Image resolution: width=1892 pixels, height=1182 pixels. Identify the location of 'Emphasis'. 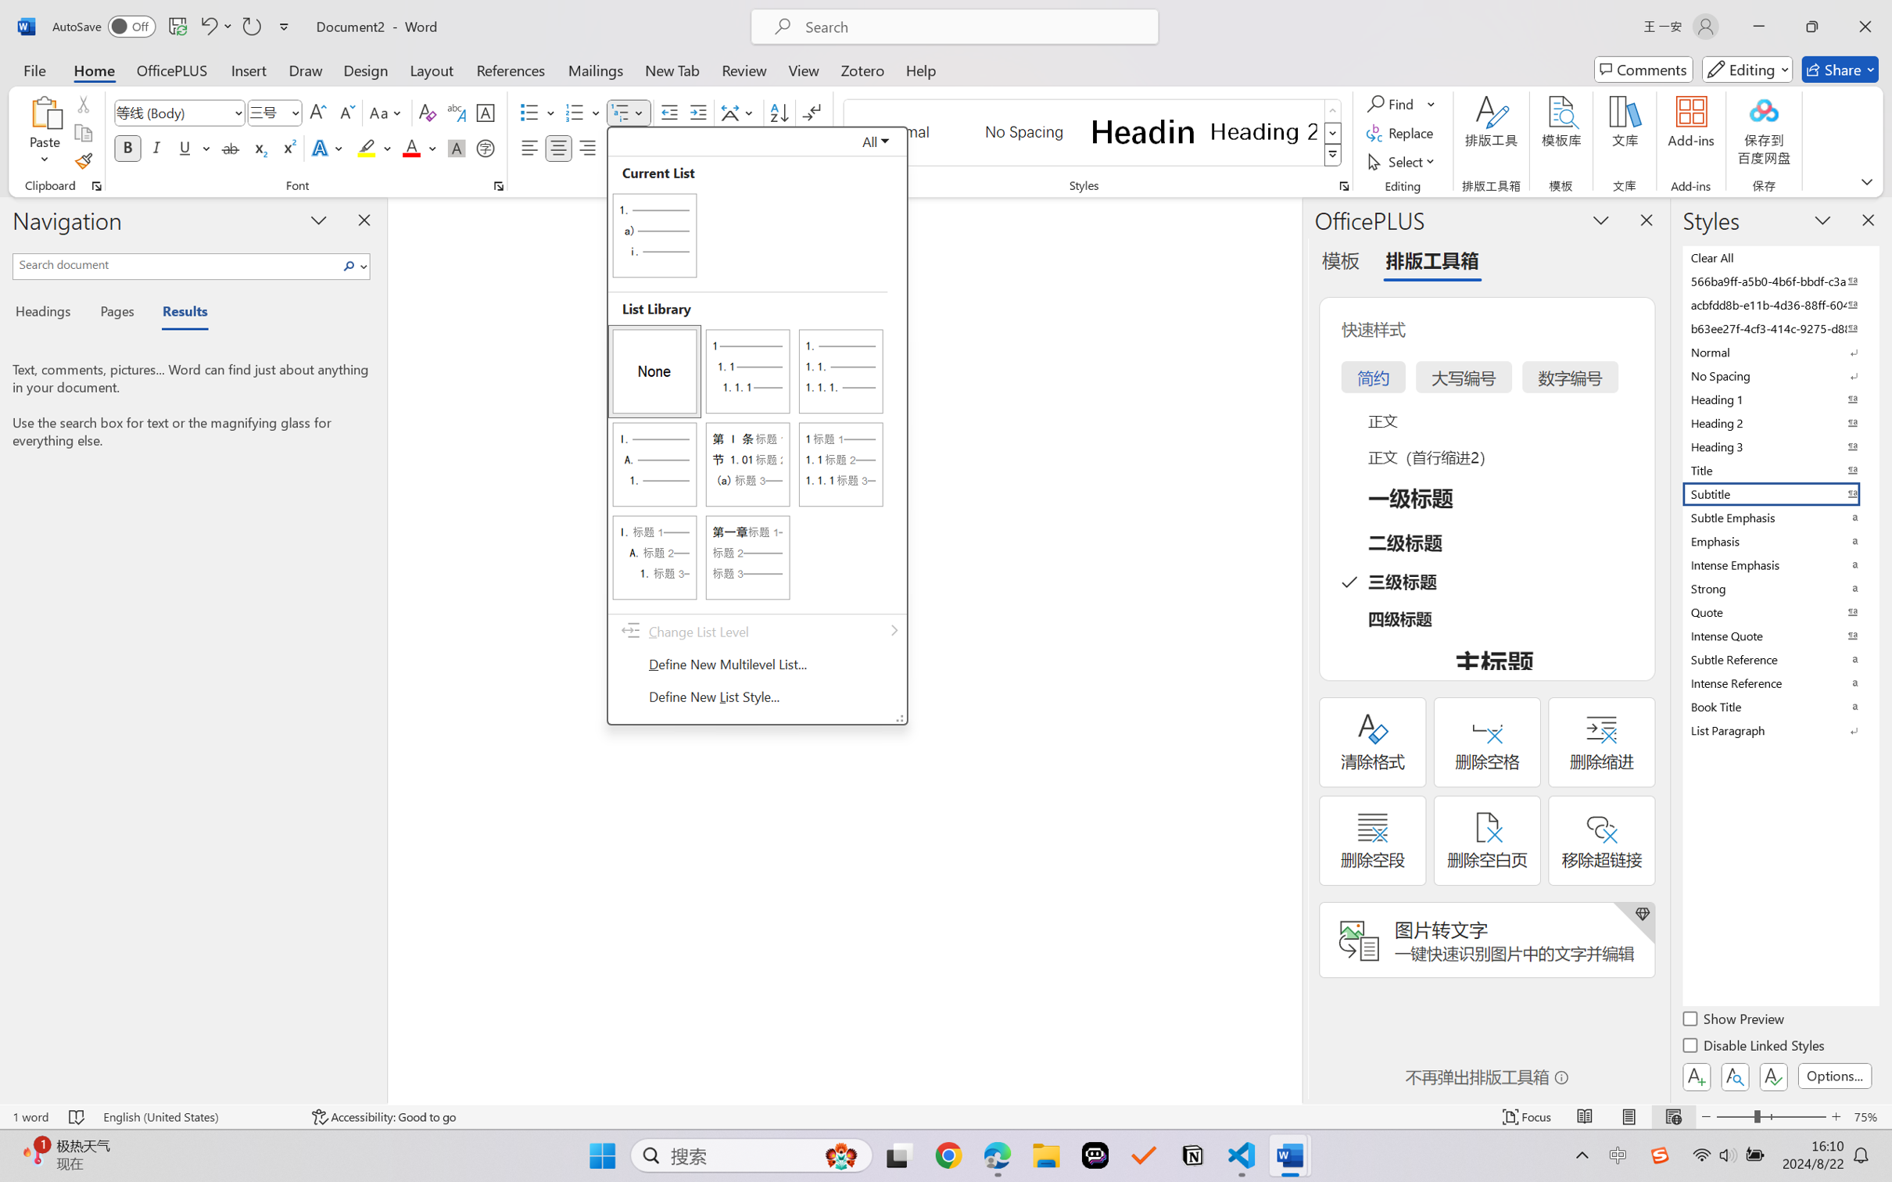
(1779, 541).